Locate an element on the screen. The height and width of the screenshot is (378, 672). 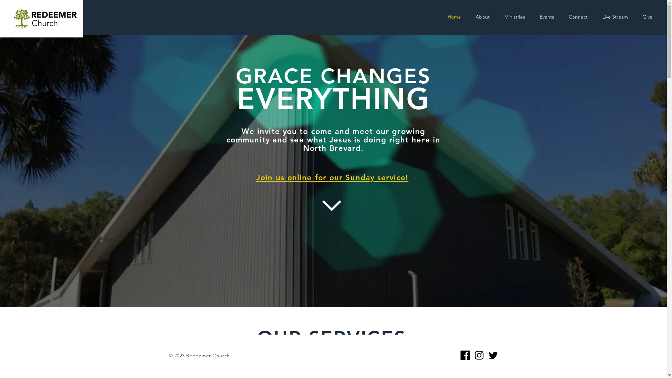
'Live Stream' is located at coordinates (615, 16).